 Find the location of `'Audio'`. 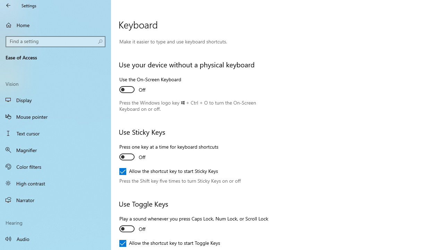

'Audio' is located at coordinates (55, 238).